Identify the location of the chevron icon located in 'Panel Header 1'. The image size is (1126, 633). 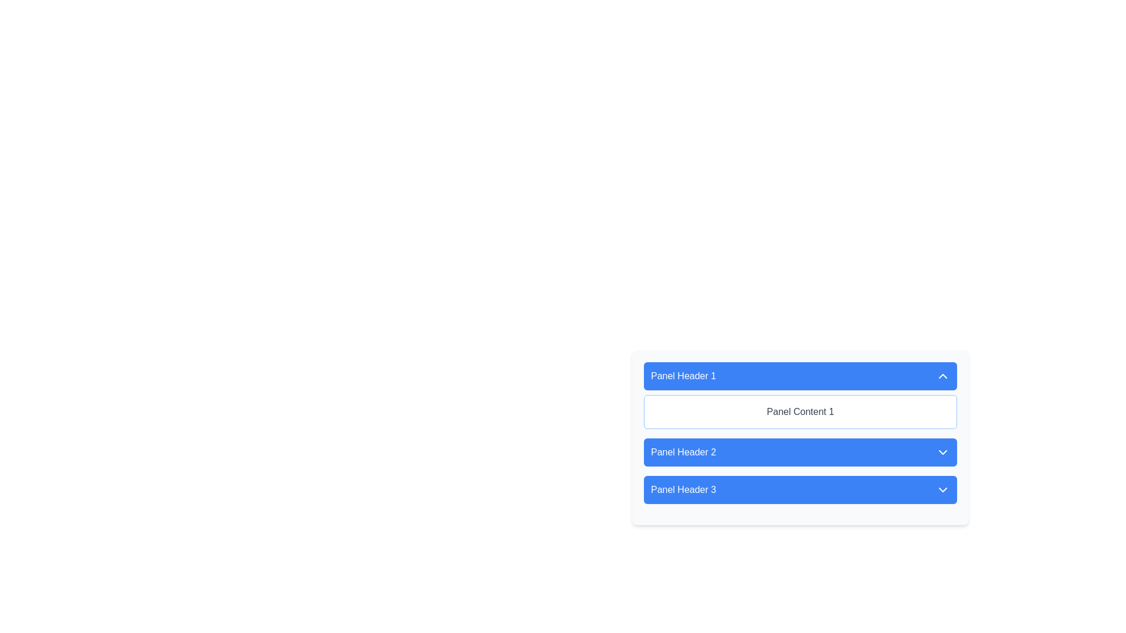
(943, 376).